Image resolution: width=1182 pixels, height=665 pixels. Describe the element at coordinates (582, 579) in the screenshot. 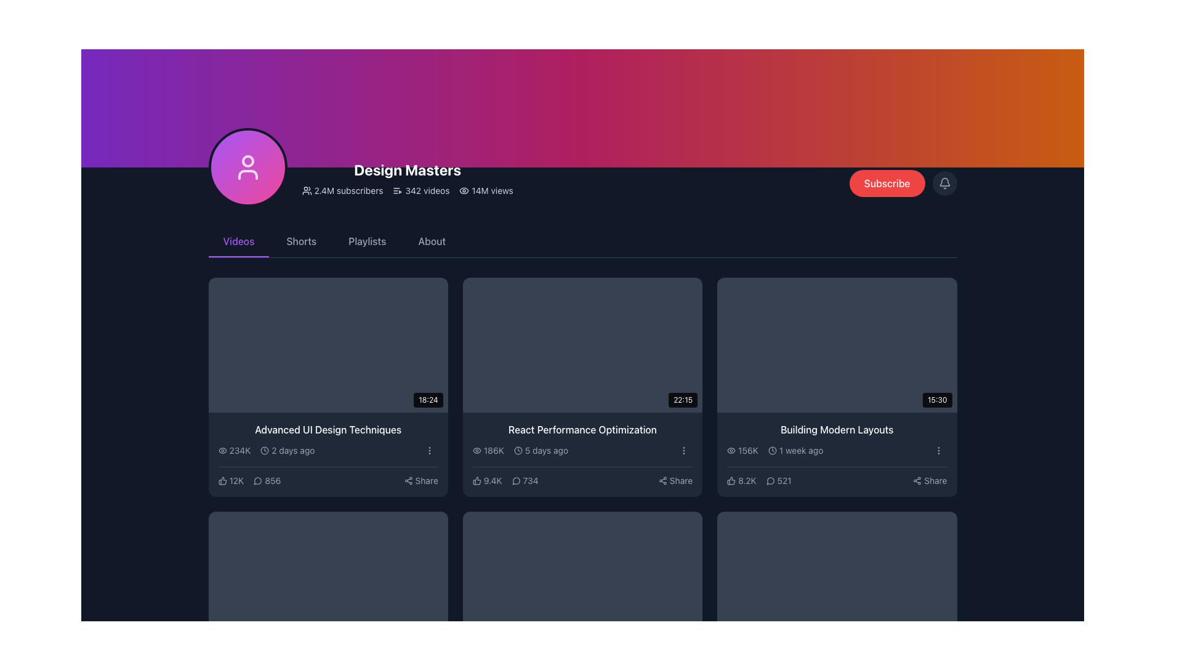

I see `the fourth video thumbnail in the bottom-left corner of the grid` at that location.